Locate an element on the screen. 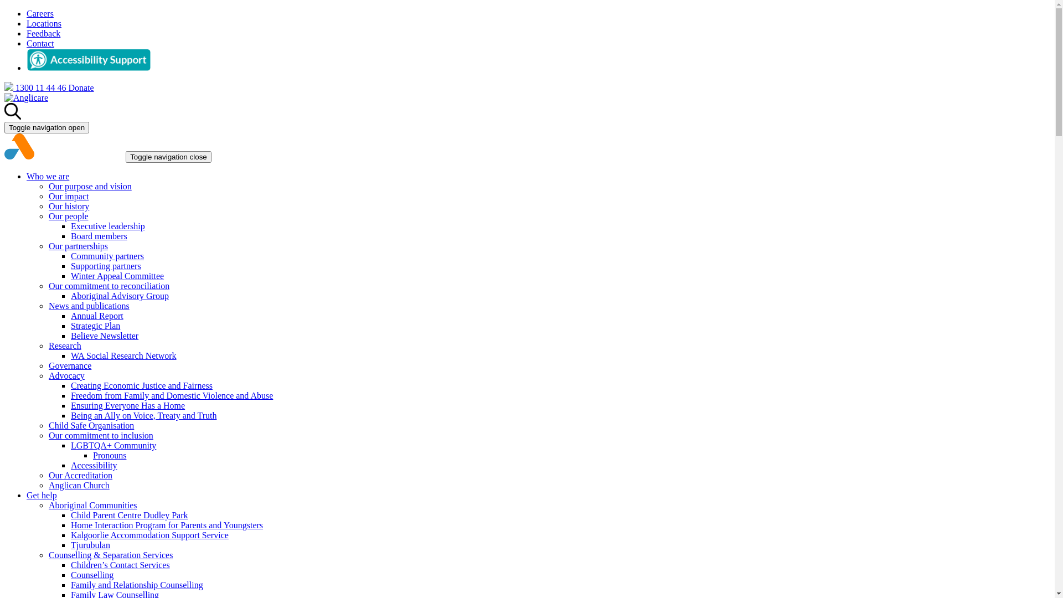 This screenshot has width=1063, height=598. '1300 11 44 46' is located at coordinates (36, 87).